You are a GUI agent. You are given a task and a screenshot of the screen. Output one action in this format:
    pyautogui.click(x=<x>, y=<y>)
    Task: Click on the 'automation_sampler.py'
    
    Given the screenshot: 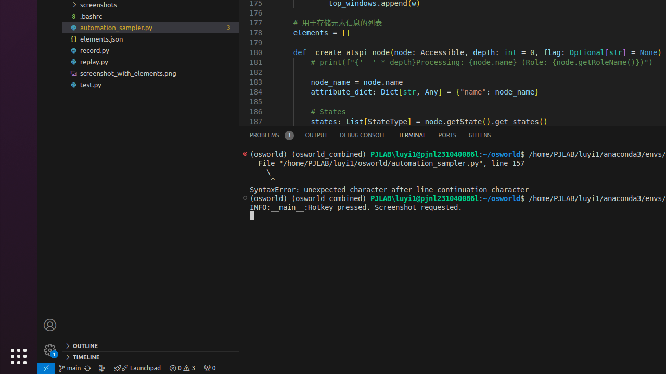 What is the action you would take?
    pyautogui.click(x=150, y=26)
    